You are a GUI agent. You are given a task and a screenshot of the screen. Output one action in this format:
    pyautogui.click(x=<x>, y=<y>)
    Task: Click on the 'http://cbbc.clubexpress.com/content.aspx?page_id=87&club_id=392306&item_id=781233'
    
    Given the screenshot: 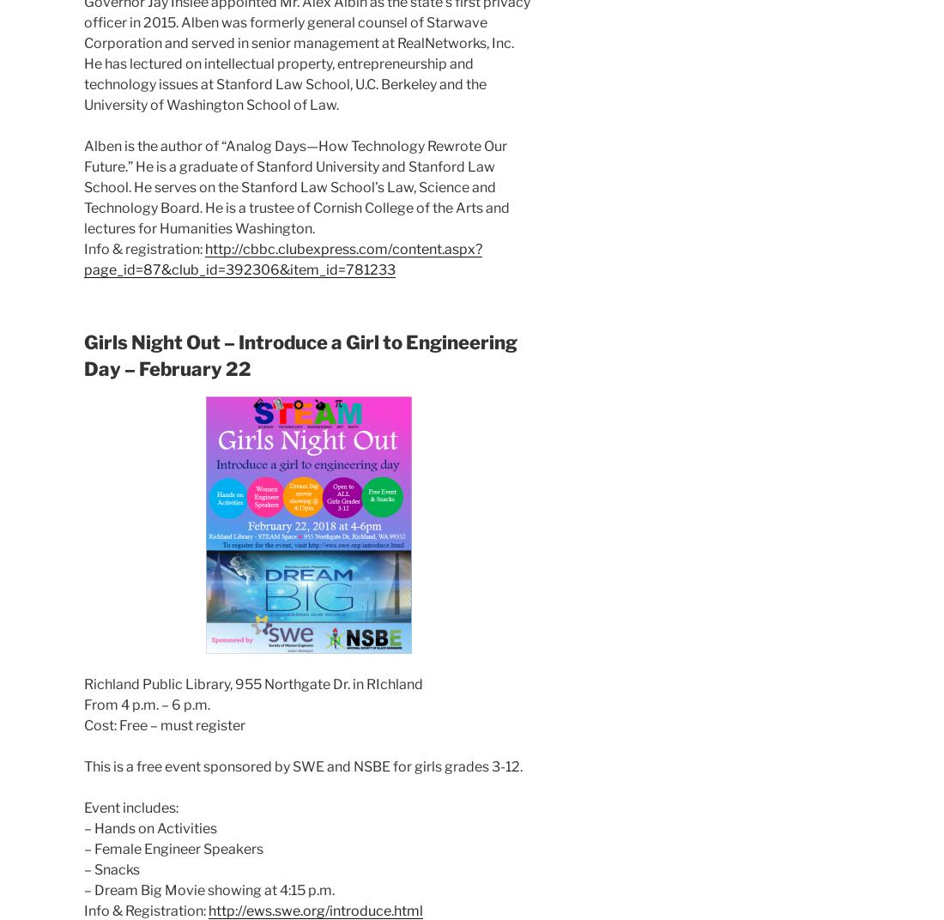 What is the action you would take?
    pyautogui.click(x=84, y=257)
    